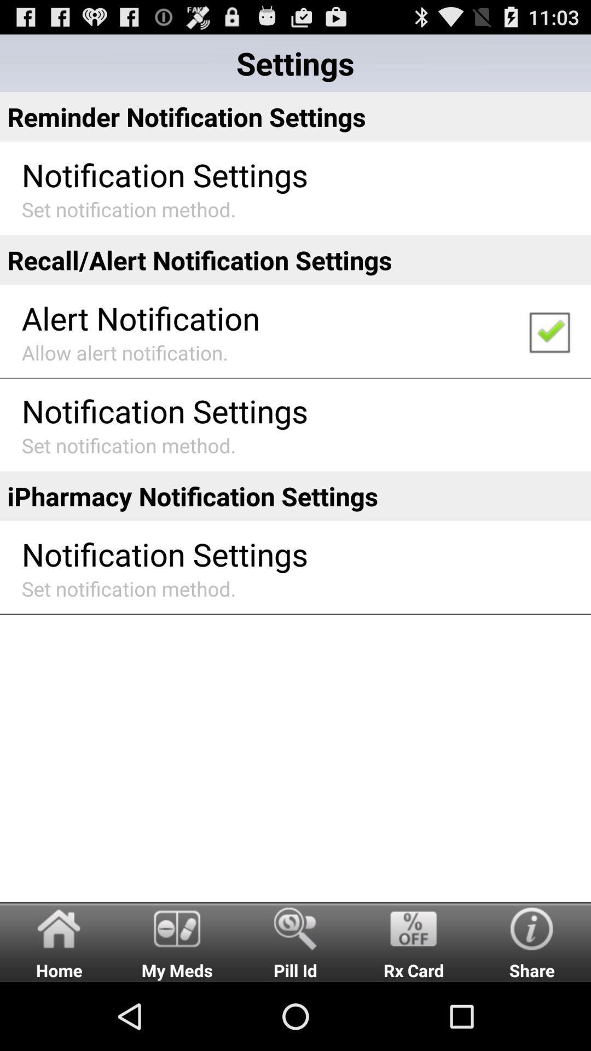 The width and height of the screenshot is (591, 1051). Describe the element at coordinates (296, 941) in the screenshot. I see `the pill id radio button` at that location.